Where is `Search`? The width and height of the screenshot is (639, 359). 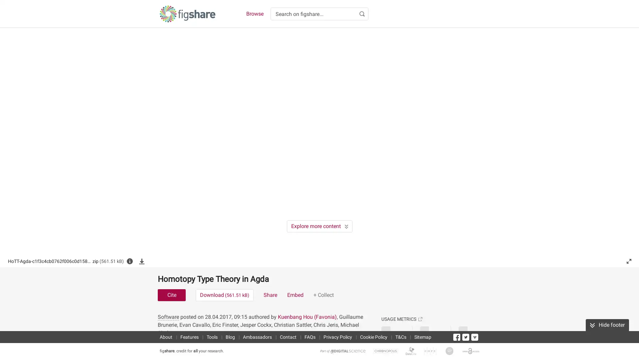
Search is located at coordinates (362, 36).